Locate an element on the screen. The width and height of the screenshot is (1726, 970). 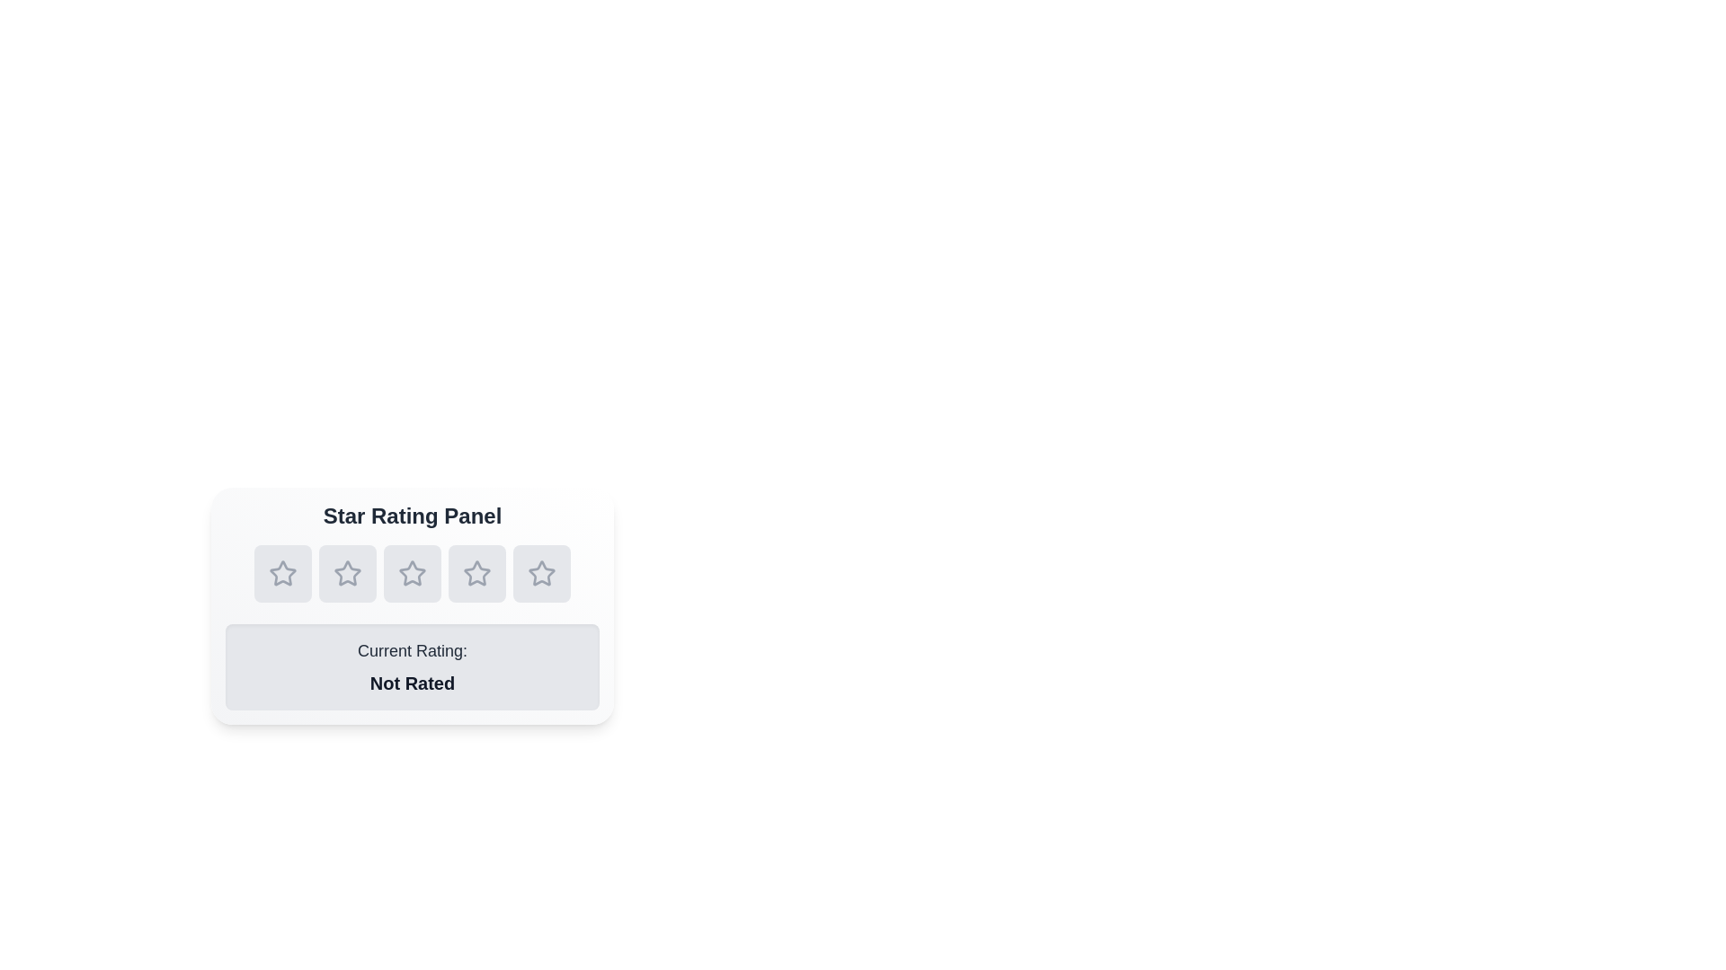
the sixth rating star icon located in the bottom-right corner of the layout to provide a rating is located at coordinates (541, 574).